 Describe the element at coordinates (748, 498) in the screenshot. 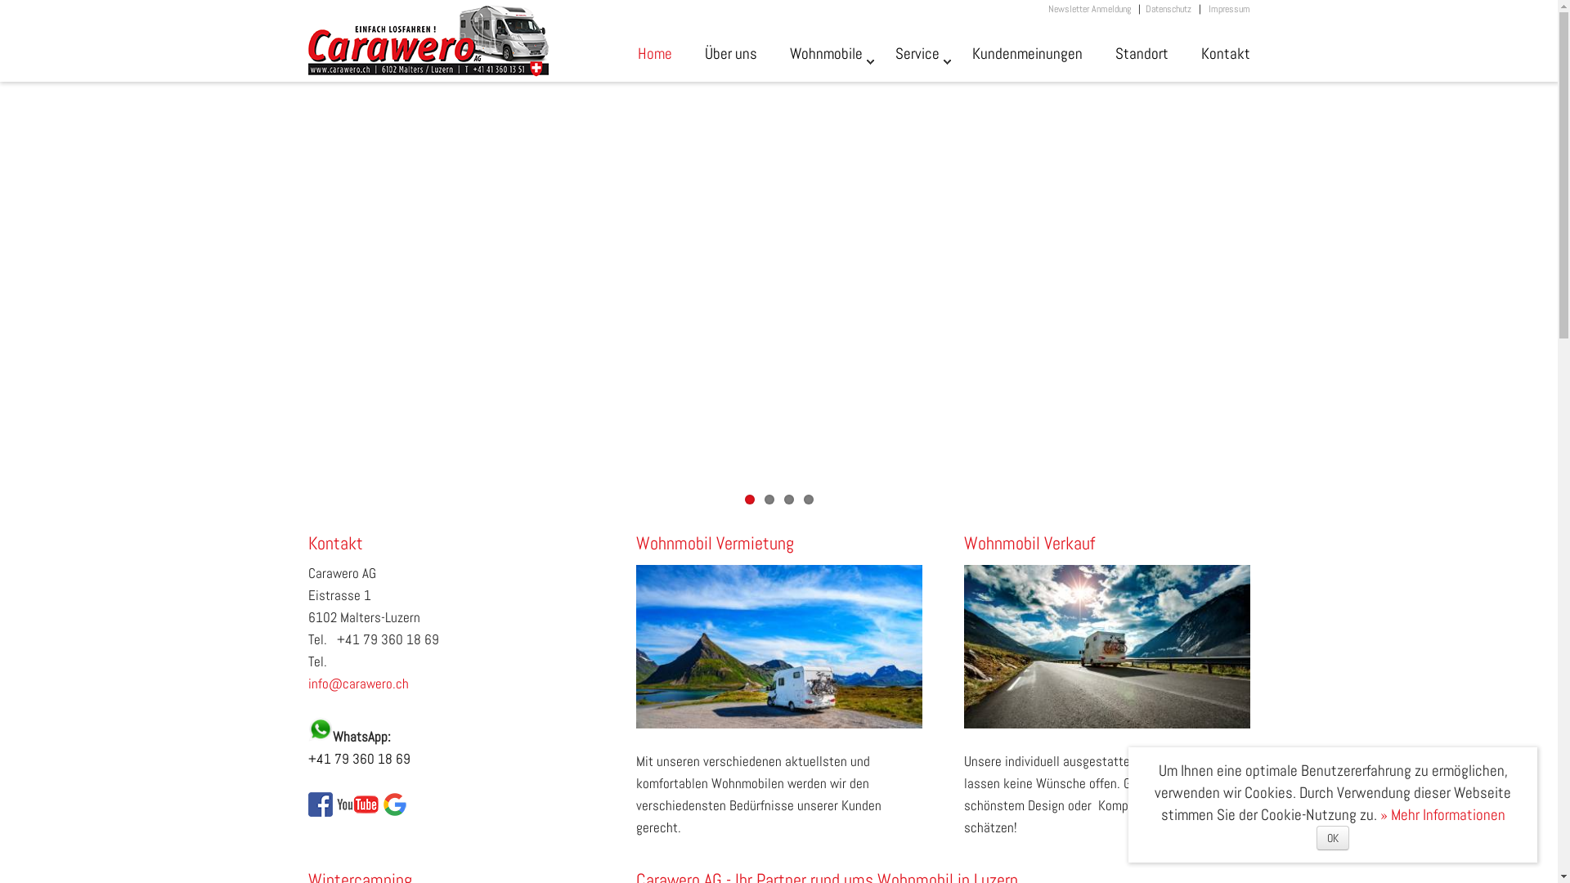

I see `'1'` at that location.